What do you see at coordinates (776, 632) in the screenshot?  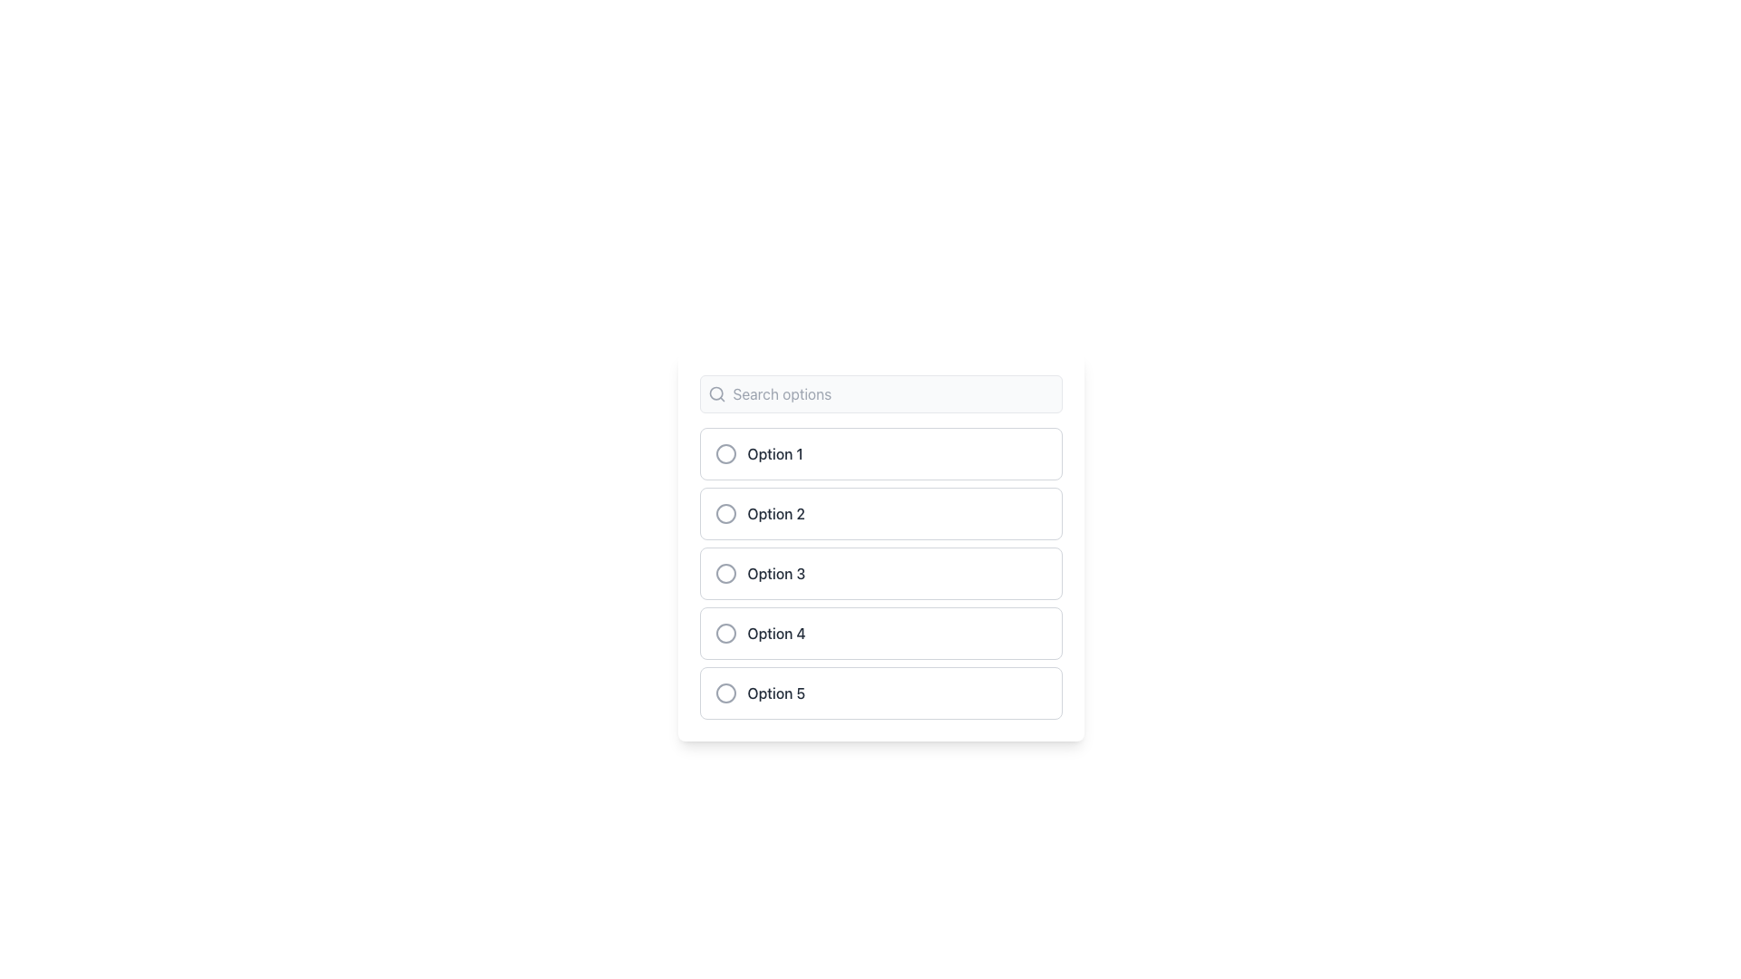 I see `the text label displaying 'Option 4' for interaction feedback` at bounding box center [776, 632].